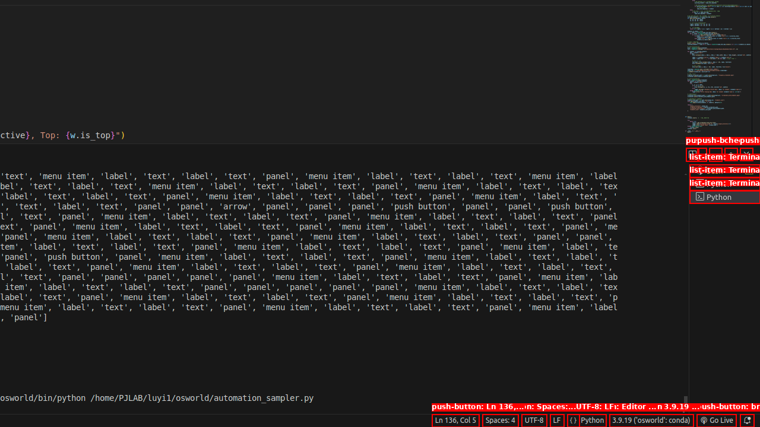 This screenshot has height=427, width=760. I want to click on 'New Terminal (Ctrl+Shift+`) [Alt] Split Terminal (Ctrl+Shift+5)', so click(692, 154).